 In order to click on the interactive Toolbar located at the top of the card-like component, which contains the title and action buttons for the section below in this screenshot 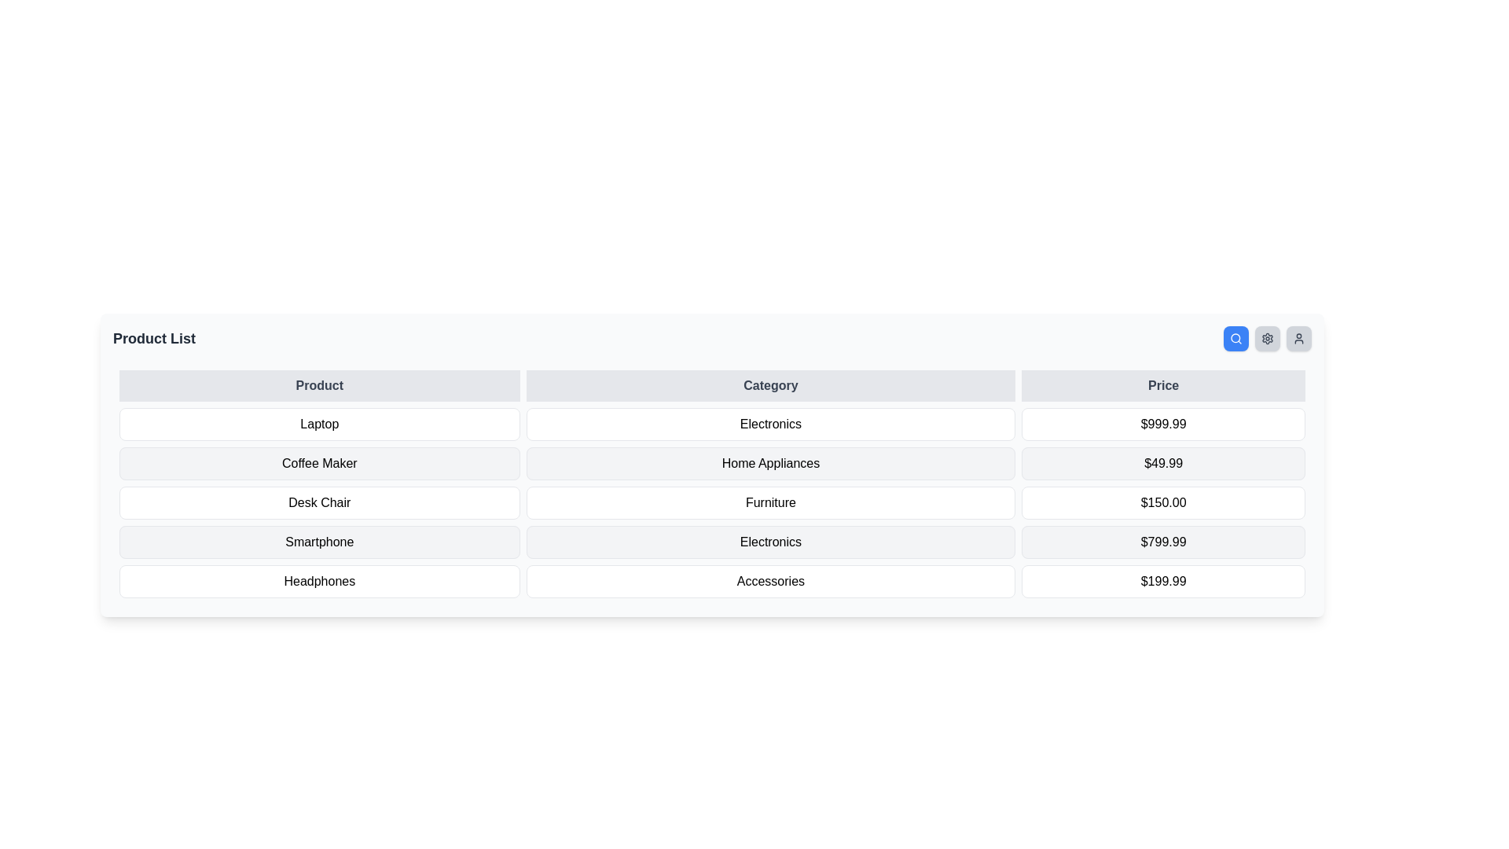, I will do `click(711, 338)`.